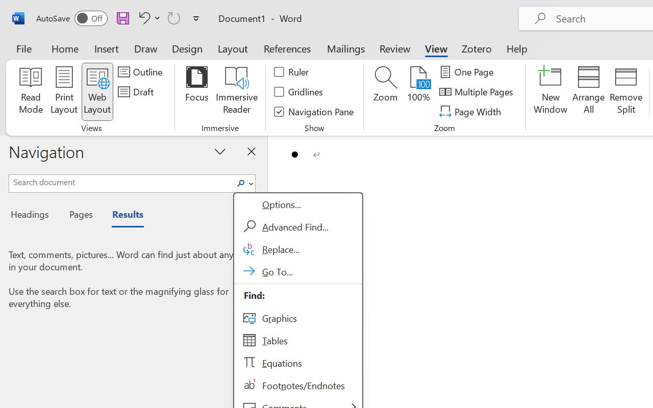 The image size is (653, 408). What do you see at coordinates (79, 216) in the screenshot?
I see `'Pages'` at bounding box center [79, 216].